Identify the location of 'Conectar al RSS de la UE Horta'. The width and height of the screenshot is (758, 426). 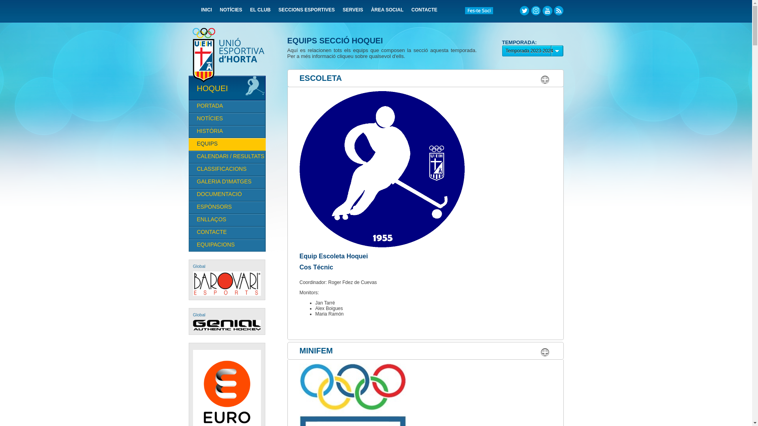
(558, 11).